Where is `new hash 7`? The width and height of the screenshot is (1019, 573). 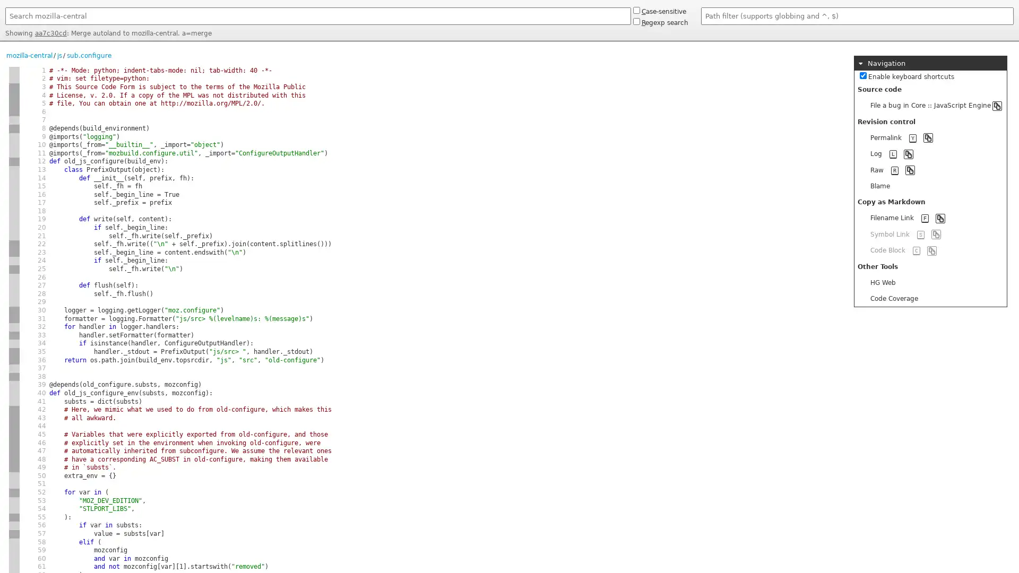 new hash 7 is located at coordinates (14, 335).